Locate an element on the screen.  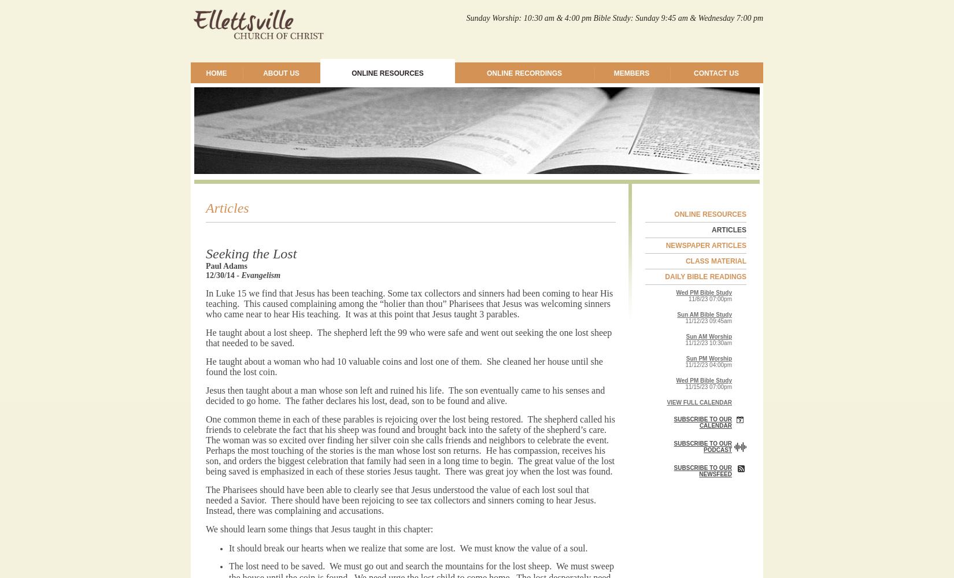
'Class Material' is located at coordinates (715, 261).